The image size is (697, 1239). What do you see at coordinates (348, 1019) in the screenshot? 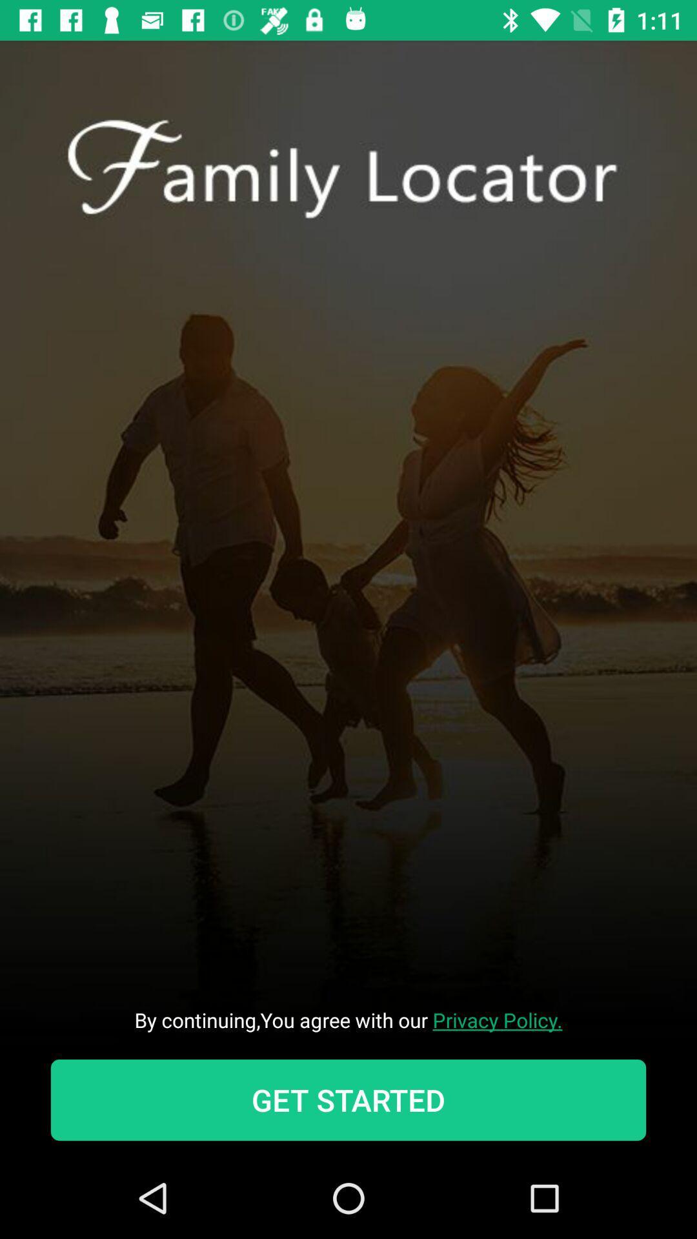
I see `item above get started icon` at bounding box center [348, 1019].